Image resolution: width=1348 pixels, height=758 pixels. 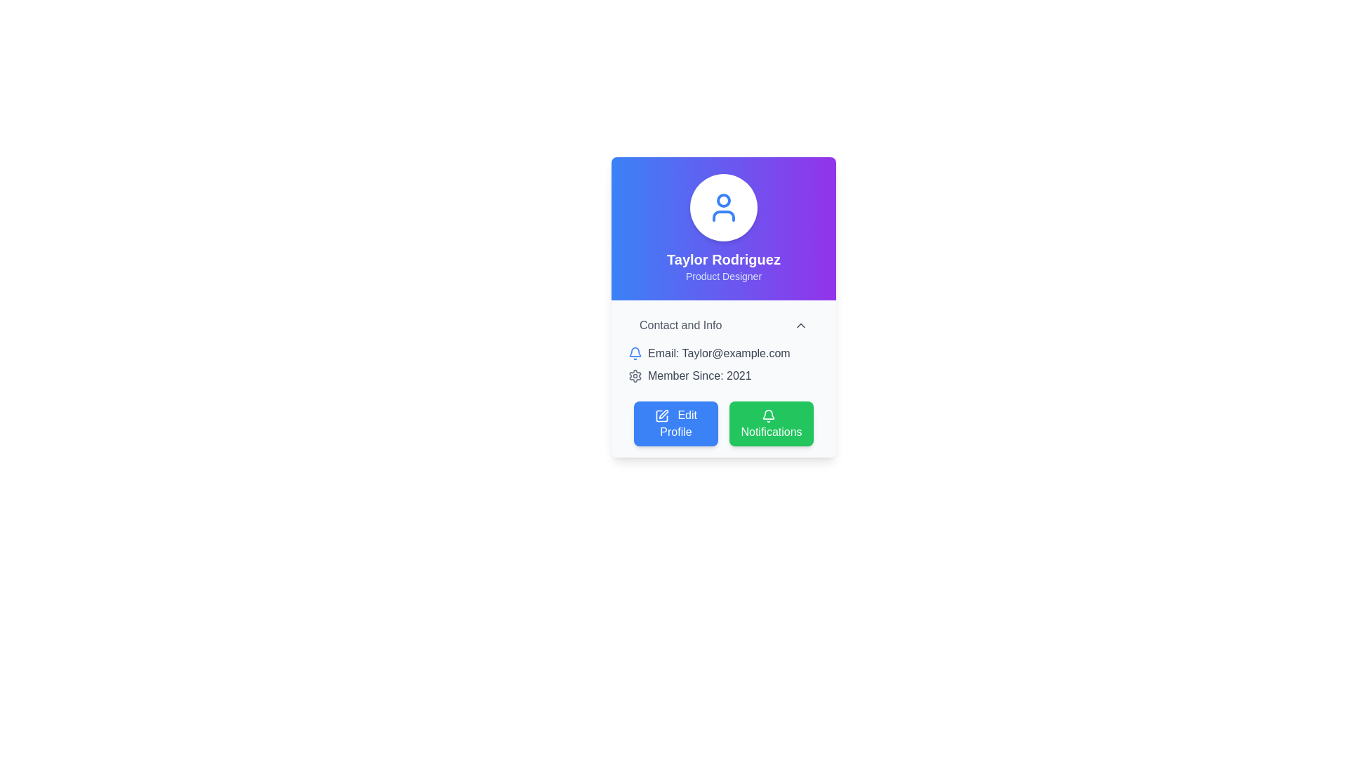 What do you see at coordinates (767, 413) in the screenshot?
I see `the bell-shaped notification icon located within the green button on the user card` at bounding box center [767, 413].